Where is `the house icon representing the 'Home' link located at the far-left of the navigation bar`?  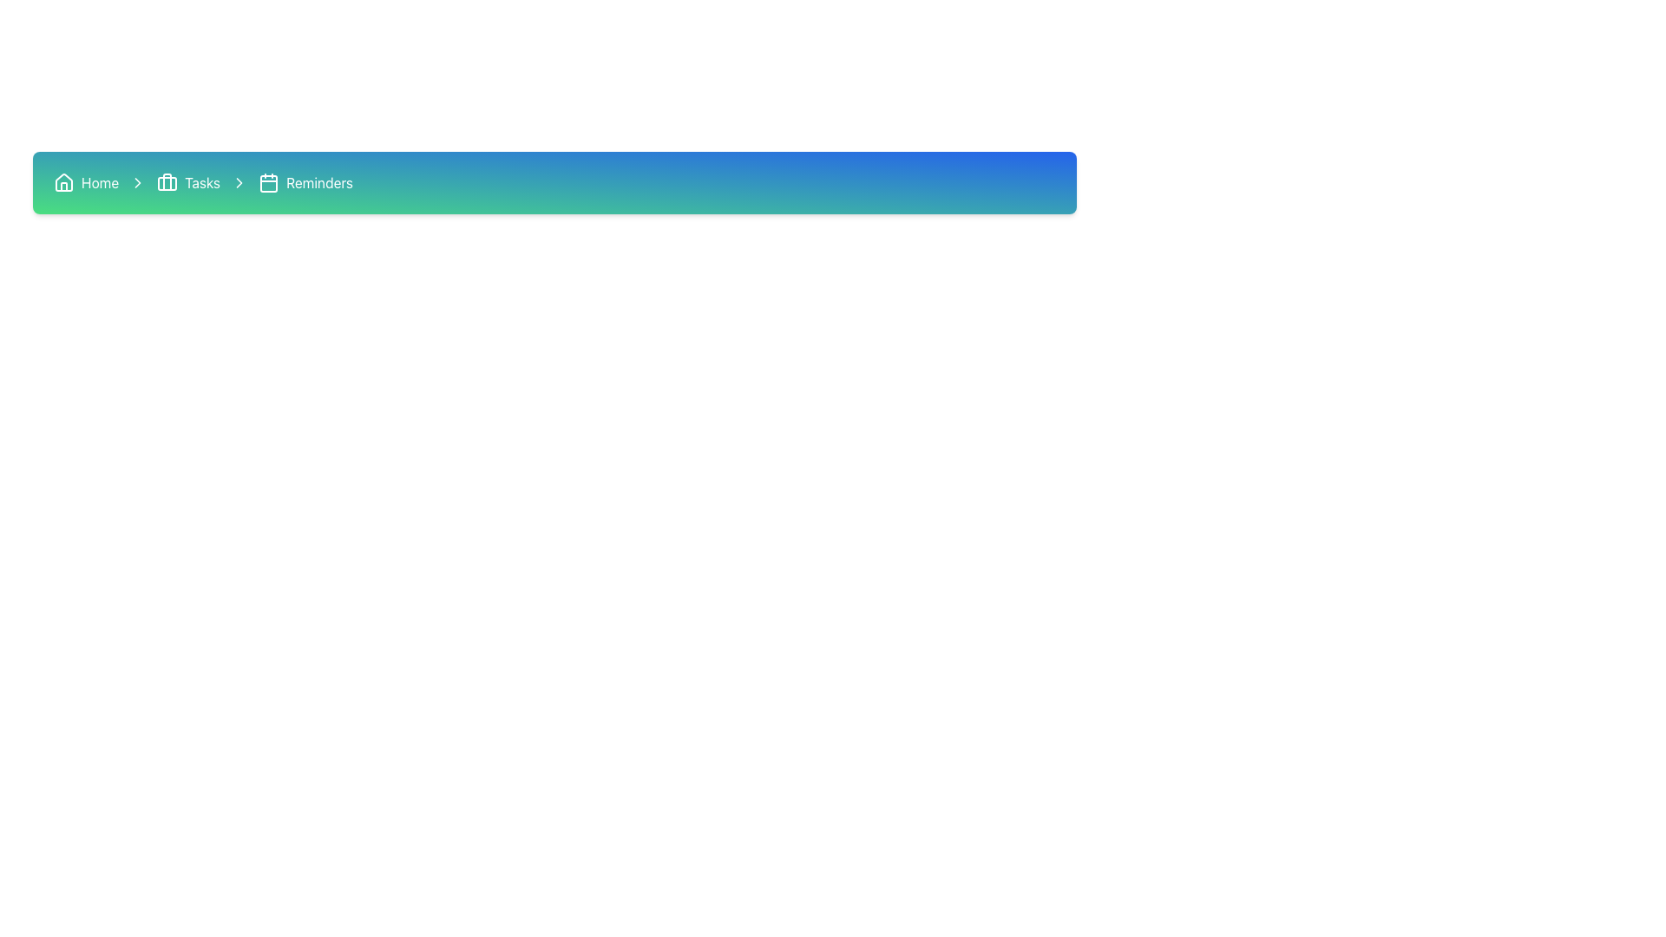 the house icon representing the 'Home' link located at the far-left of the navigation bar is located at coordinates (63, 183).